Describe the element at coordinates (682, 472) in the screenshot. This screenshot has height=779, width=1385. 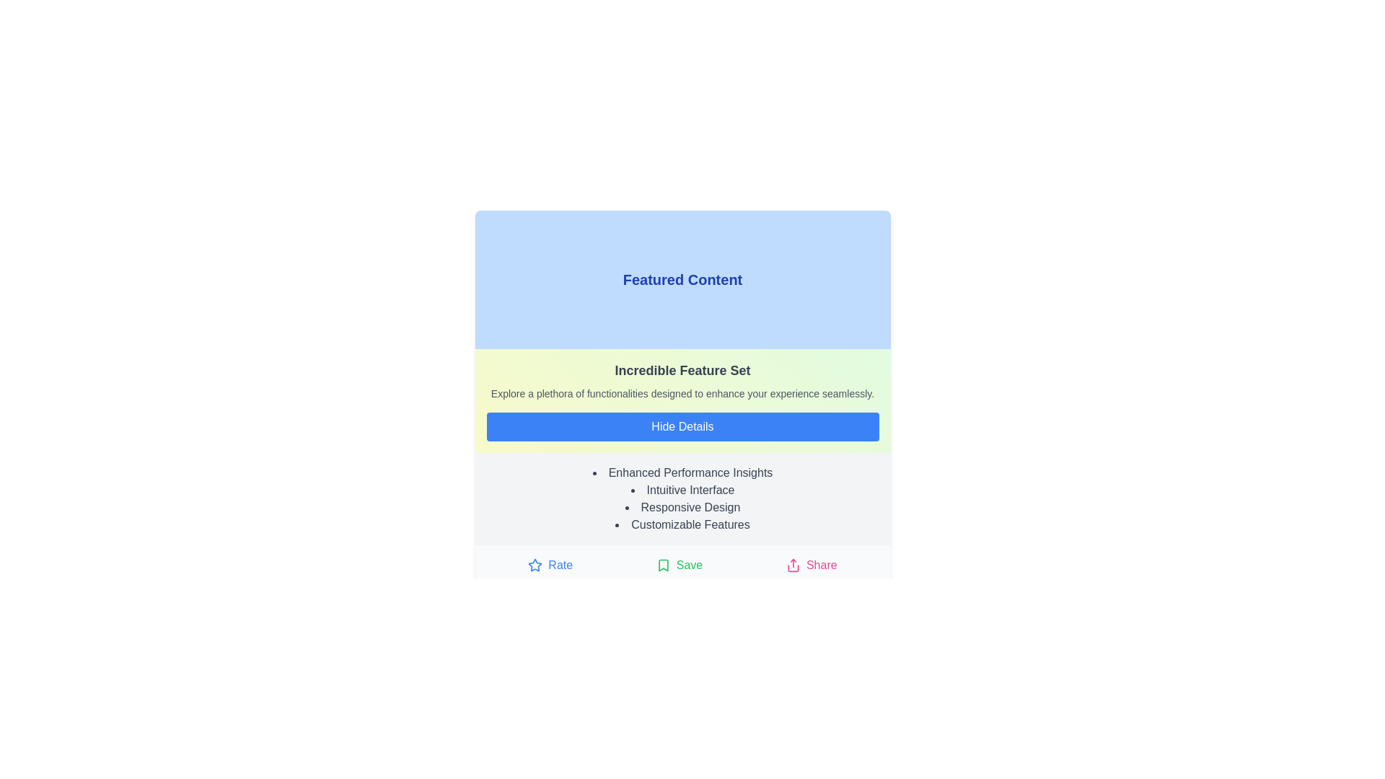
I see `the text label reading 'Enhanced Performance Insights', which is the first item in a vertical list under the section titled 'Incredible Feature Set'` at that location.